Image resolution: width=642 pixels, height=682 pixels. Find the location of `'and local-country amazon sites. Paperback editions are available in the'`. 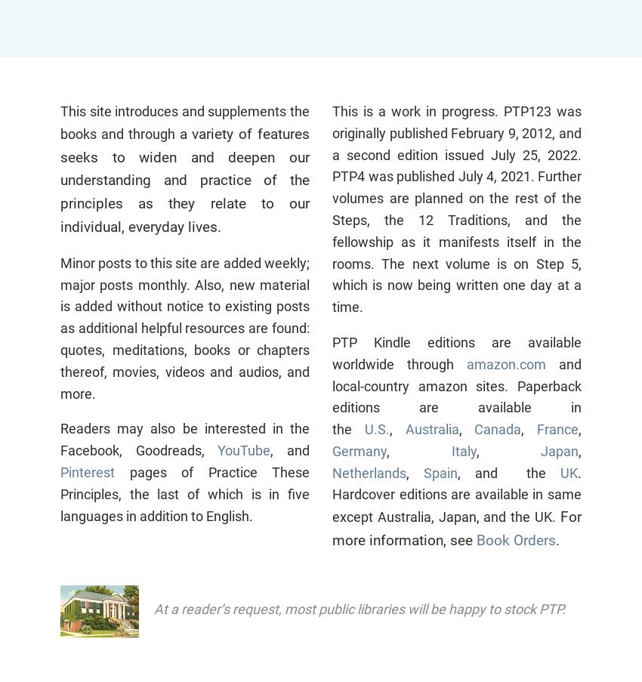

'and local-country amazon sites. Paperback editions are available in the' is located at coordinates (456, 396).